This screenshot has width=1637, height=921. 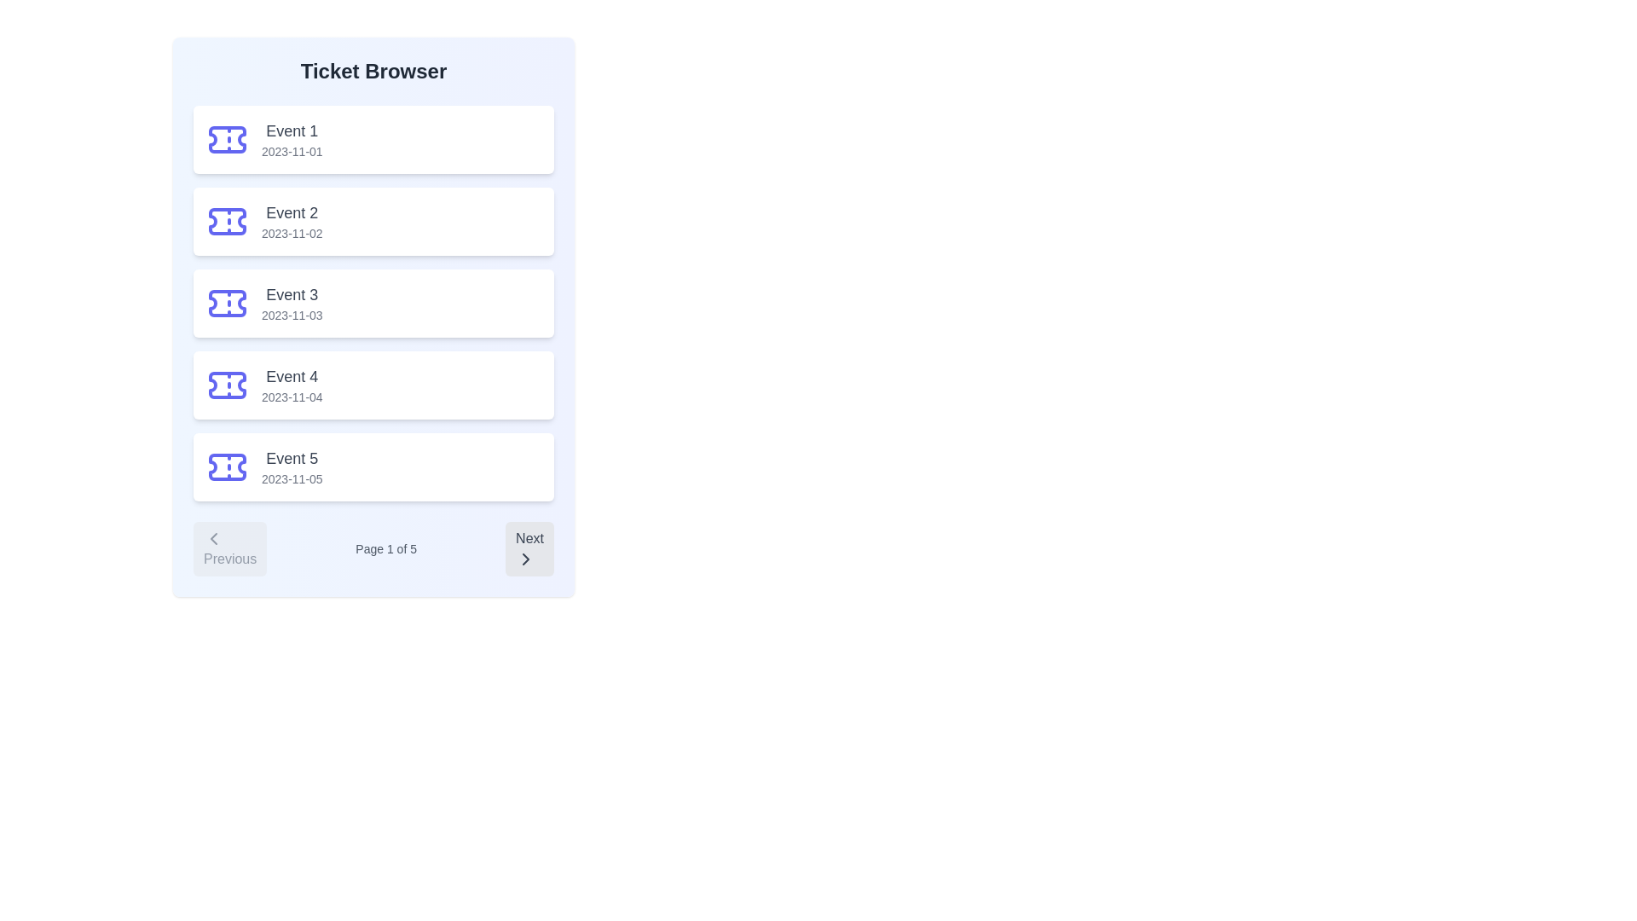 I want to click on the text block displaying the title and subtitle of 'Event 5', so click(x=292, y=466).